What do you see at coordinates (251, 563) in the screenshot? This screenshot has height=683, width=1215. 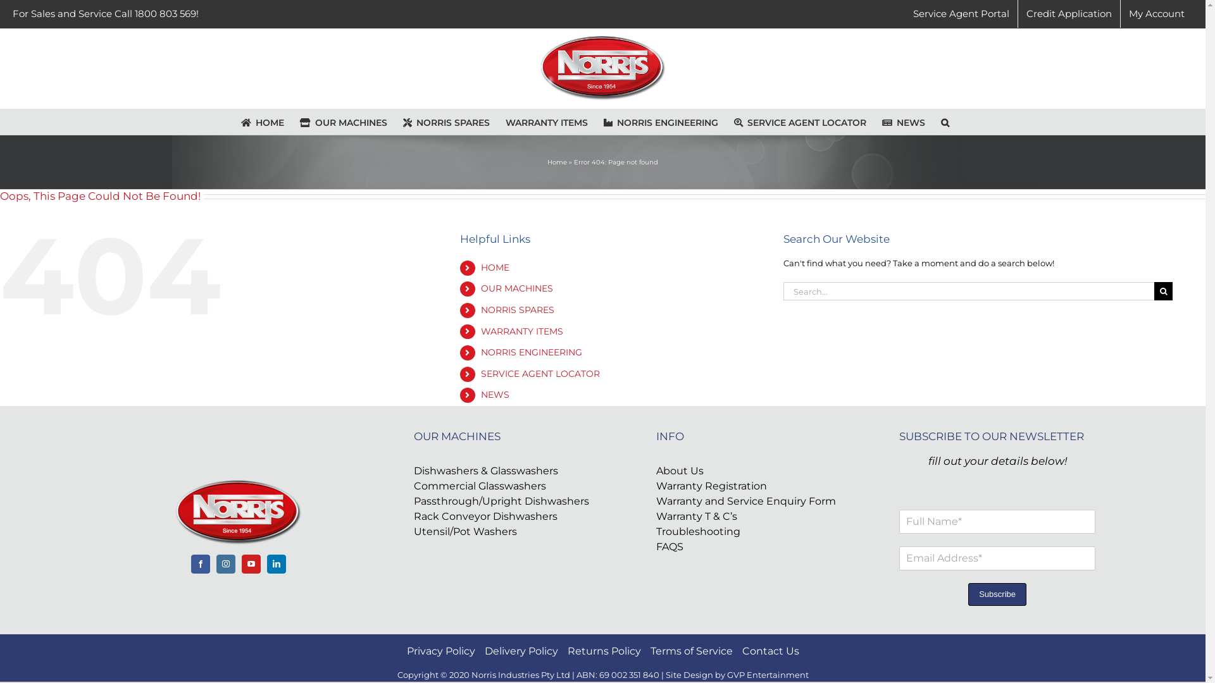 I see `'YouTube'` at bounding box center [251, 563].